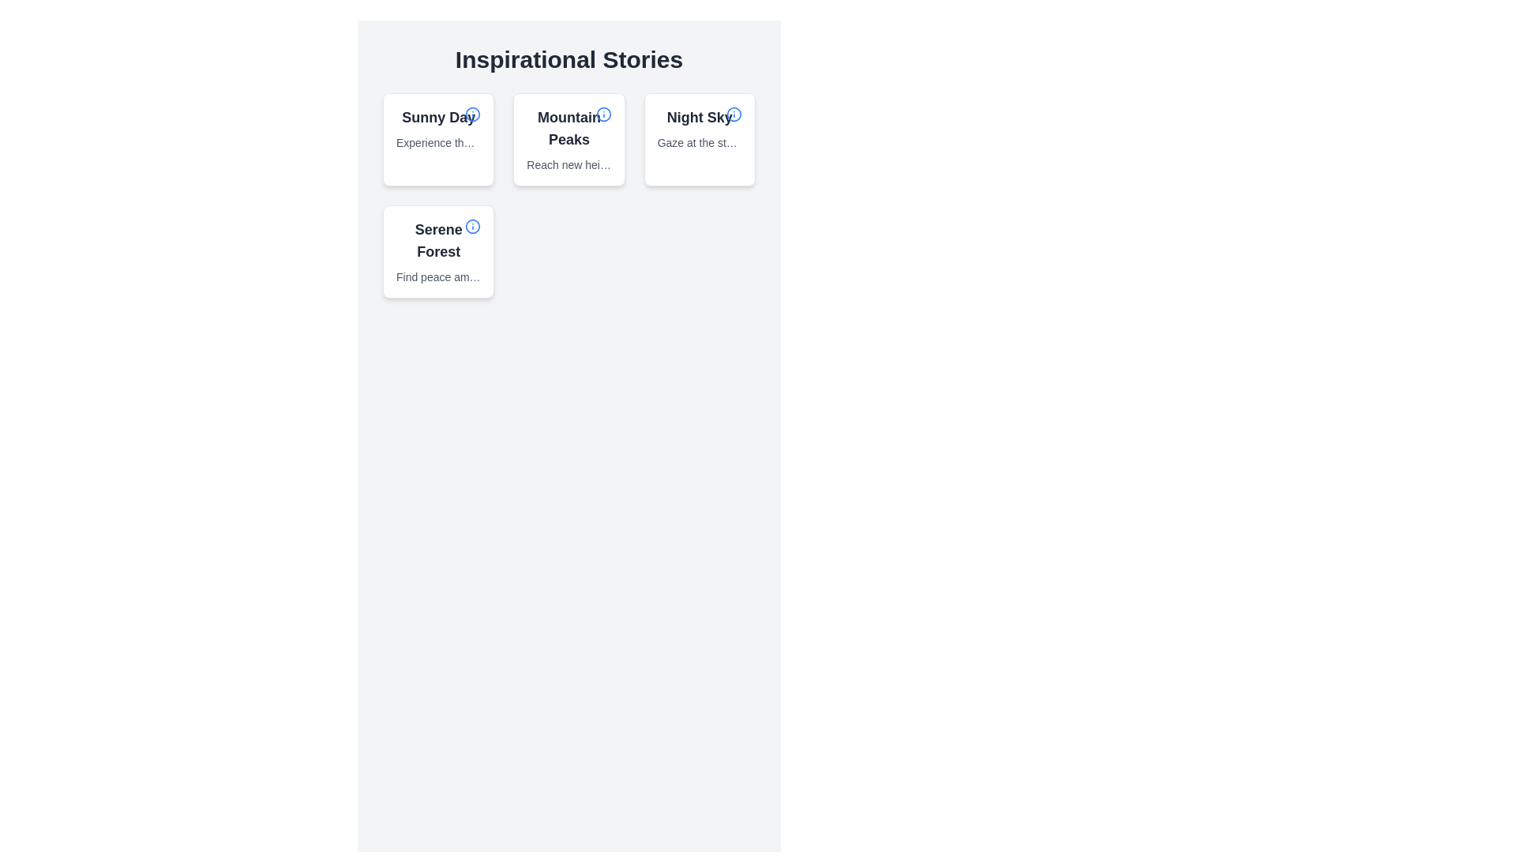  What do you see at coordinates (438, 117) in the screenshot?
I see `the bold text label reading 'Sunny Day' which is styled with a larger font size and dark gray color, located in the leftmost card under the heading 'Inspirational Stories'` at bounding box center [438, 117].